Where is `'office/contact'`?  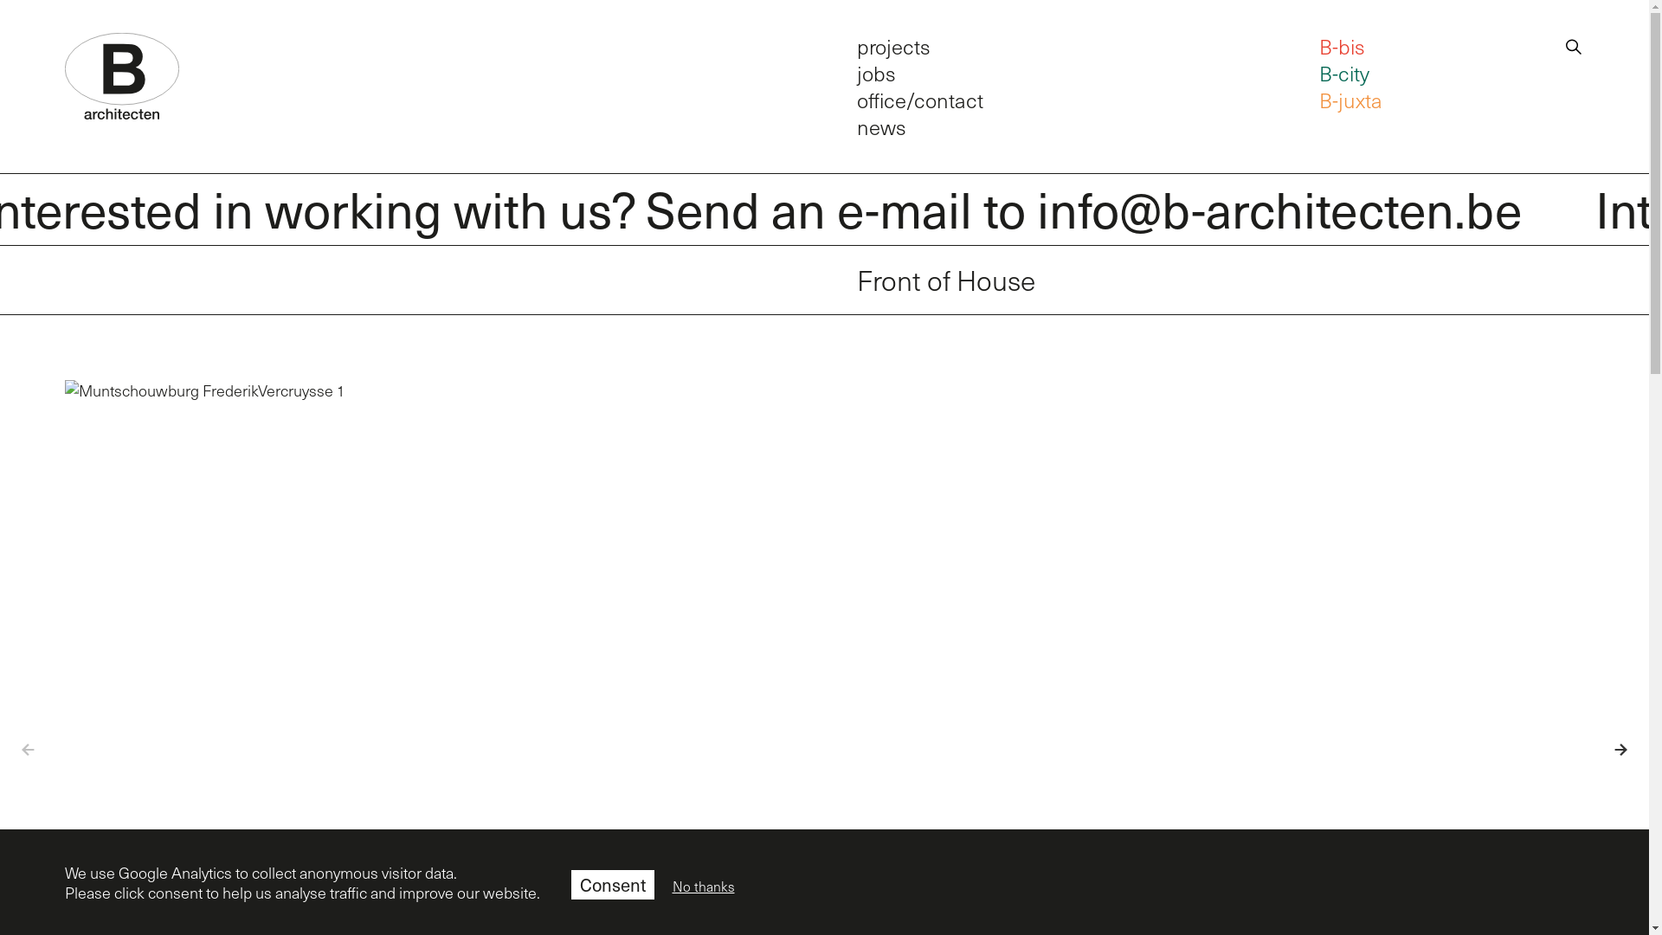 'office/contact' is located at coordinates (918, 100).